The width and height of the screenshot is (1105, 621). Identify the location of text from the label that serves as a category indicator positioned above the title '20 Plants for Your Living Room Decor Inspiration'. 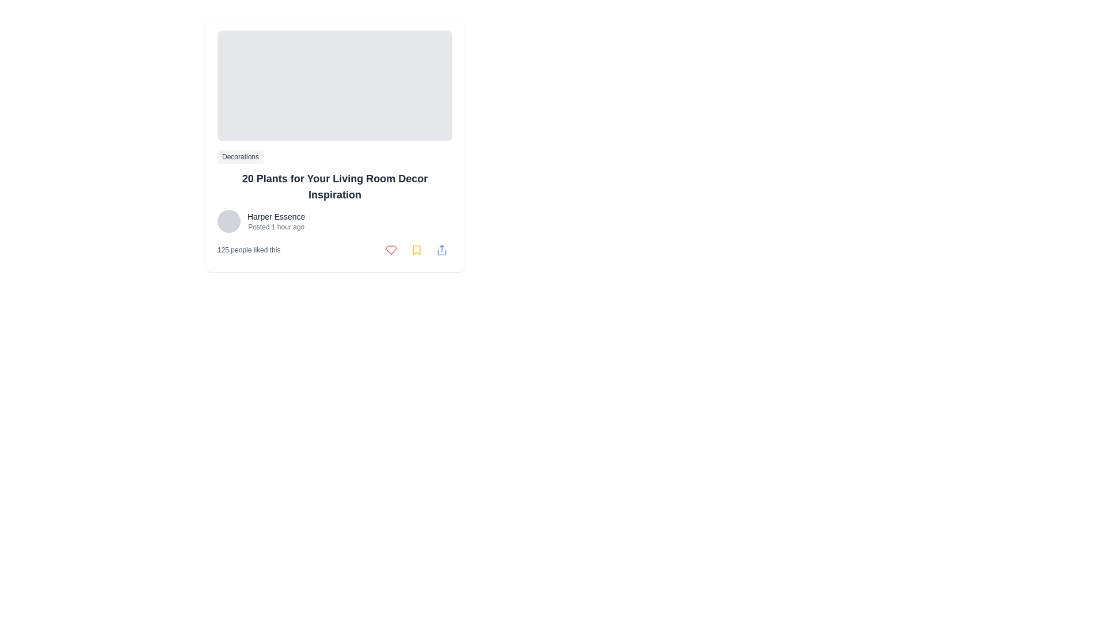
(239, 157).